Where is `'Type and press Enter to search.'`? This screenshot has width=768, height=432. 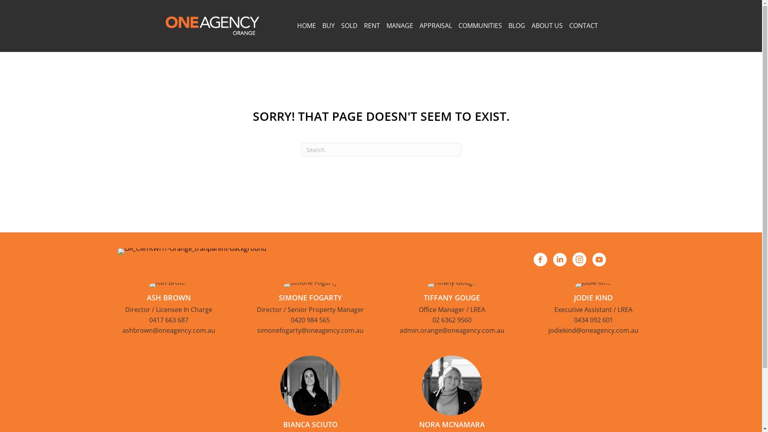
'Type and press Enter to search.' is located at coordinates (380, 150).